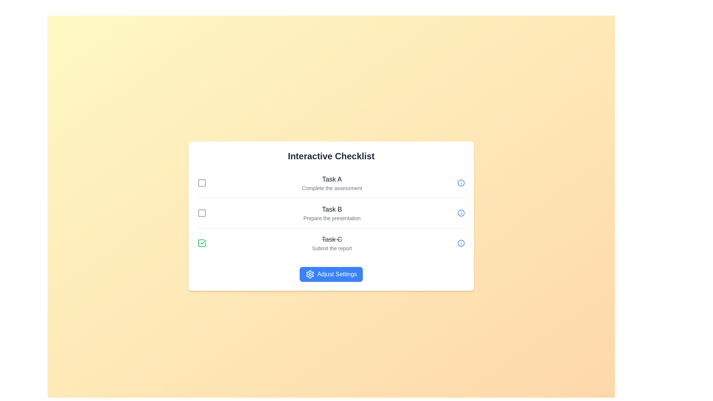 The image size is (713, 401). What do you see at coordinates (202, 183) in the screenshot?
I see `the checkbox corresponding to Task A` at bounding box center [202, 183].